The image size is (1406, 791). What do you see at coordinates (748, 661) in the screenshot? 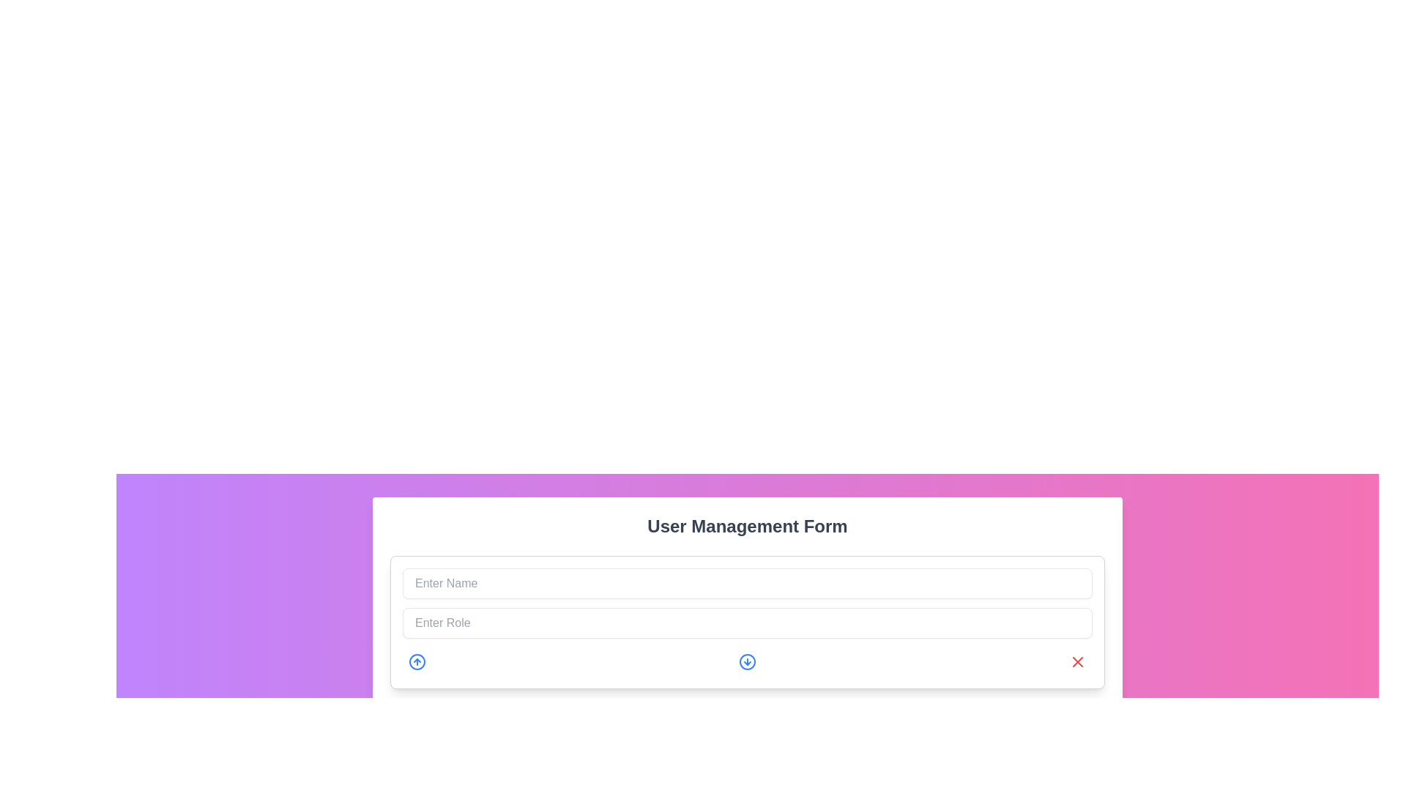
I see `the button with an embedded circular icon located at the center of the form's bottom edge` at bounding box center [748, 661].